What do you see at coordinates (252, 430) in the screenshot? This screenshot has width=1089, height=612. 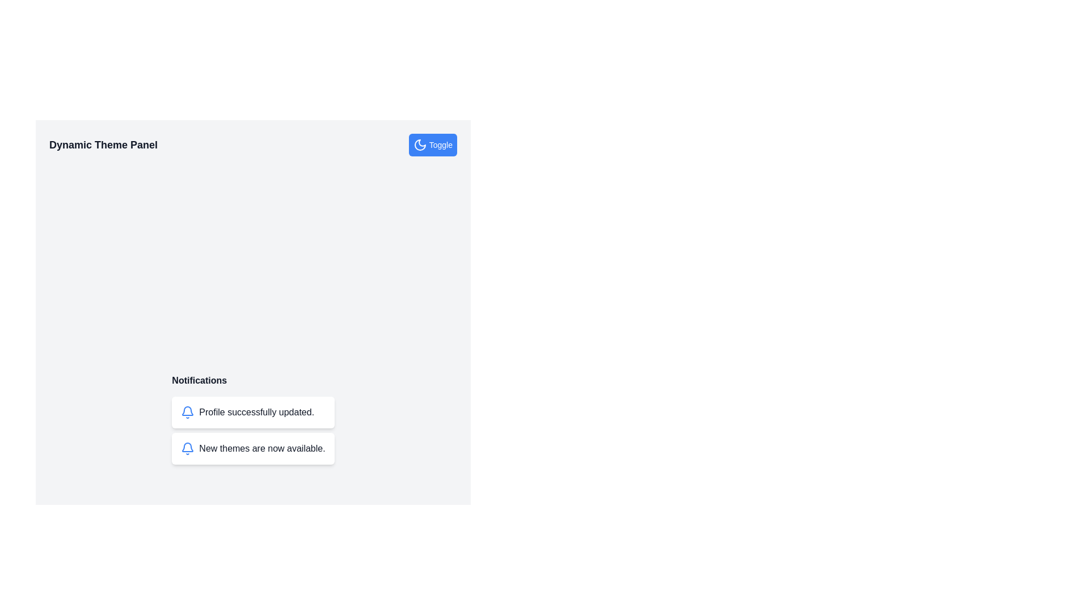 I see `notifications displayed in the informational banner that shows messages about profile updates and available themes` at bounding box center [252, 430].